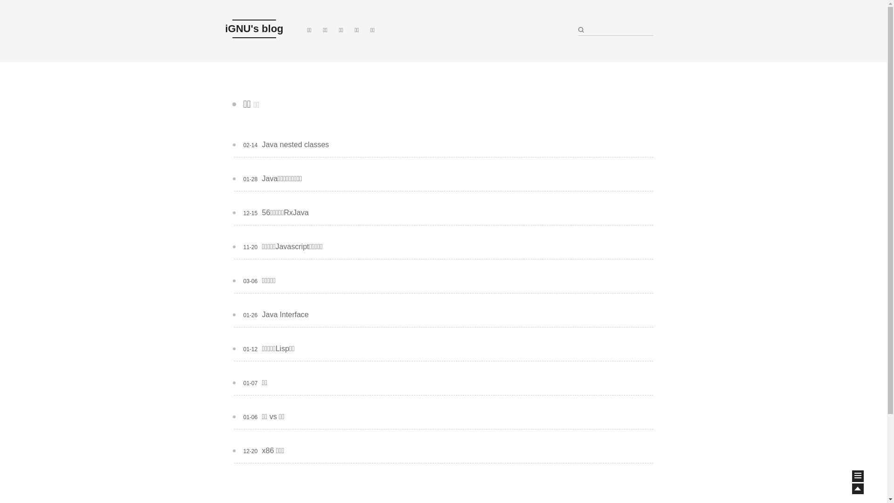  Describe the element at coordinates (284, 314) in the screenshot. I see `'Java Interface'` at that location.